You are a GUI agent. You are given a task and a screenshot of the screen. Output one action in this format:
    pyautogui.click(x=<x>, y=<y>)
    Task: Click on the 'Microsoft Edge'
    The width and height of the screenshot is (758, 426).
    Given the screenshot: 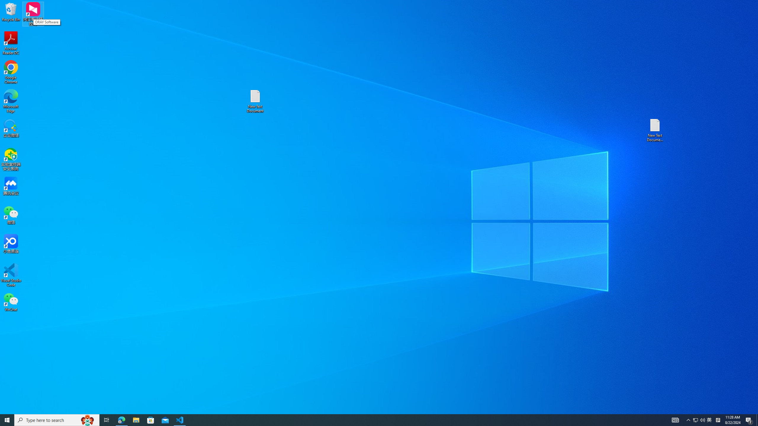 What is the action you would take?
    pyautogui.click(x=11, y=101)
    